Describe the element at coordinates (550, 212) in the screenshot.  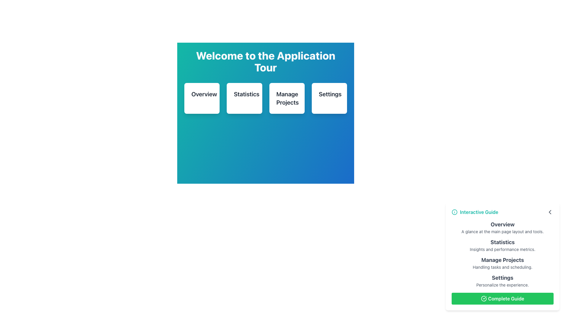
I see `the leftward chevron icon used for navigation, located in the top-right of the pop-up modal` at that location.